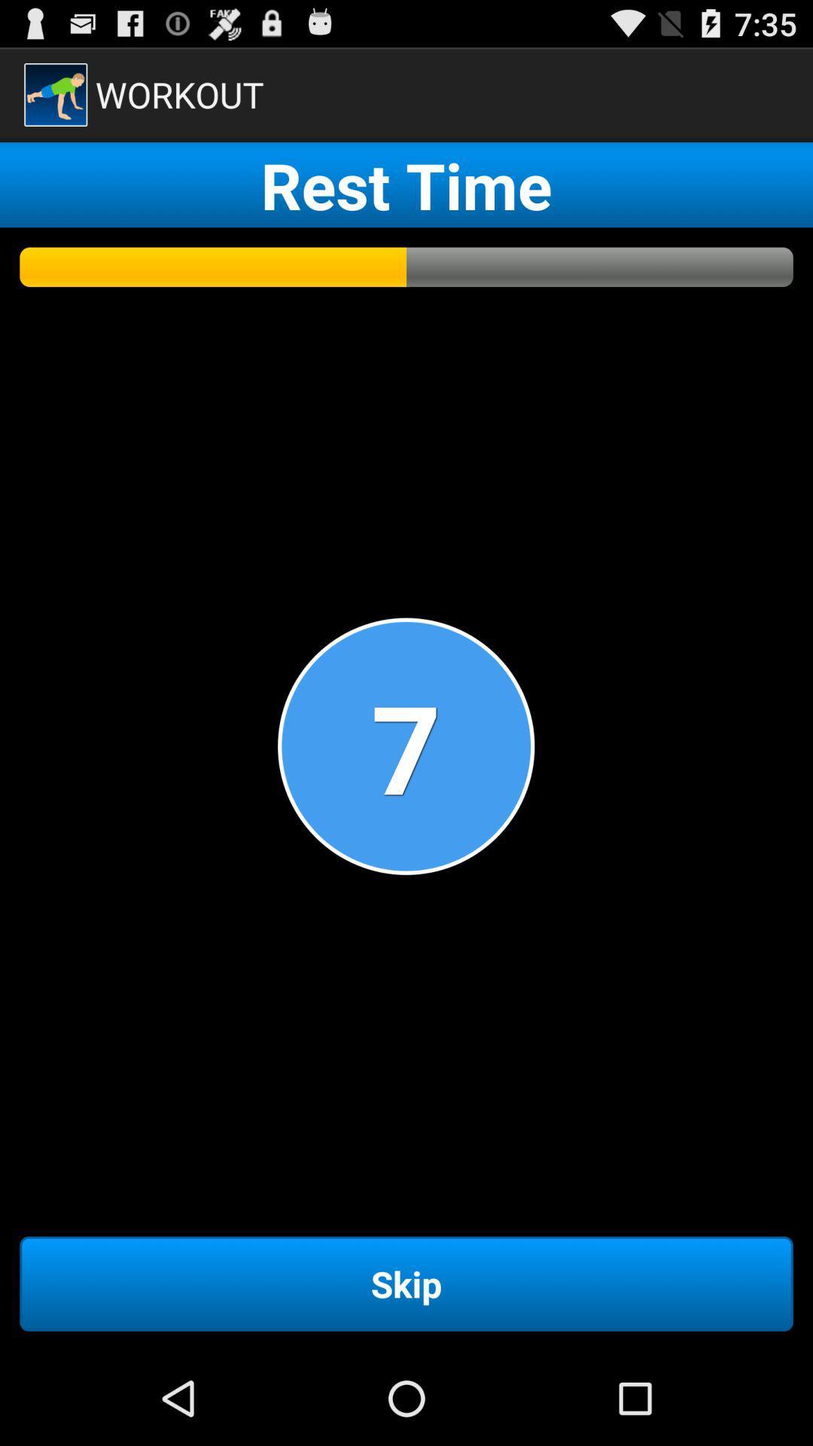 This screenshot has width=813, height=1446. What do you see at coordinates (406, 1283) in the screenshot?
I see `skip item` at bounding box center [406, 1283].